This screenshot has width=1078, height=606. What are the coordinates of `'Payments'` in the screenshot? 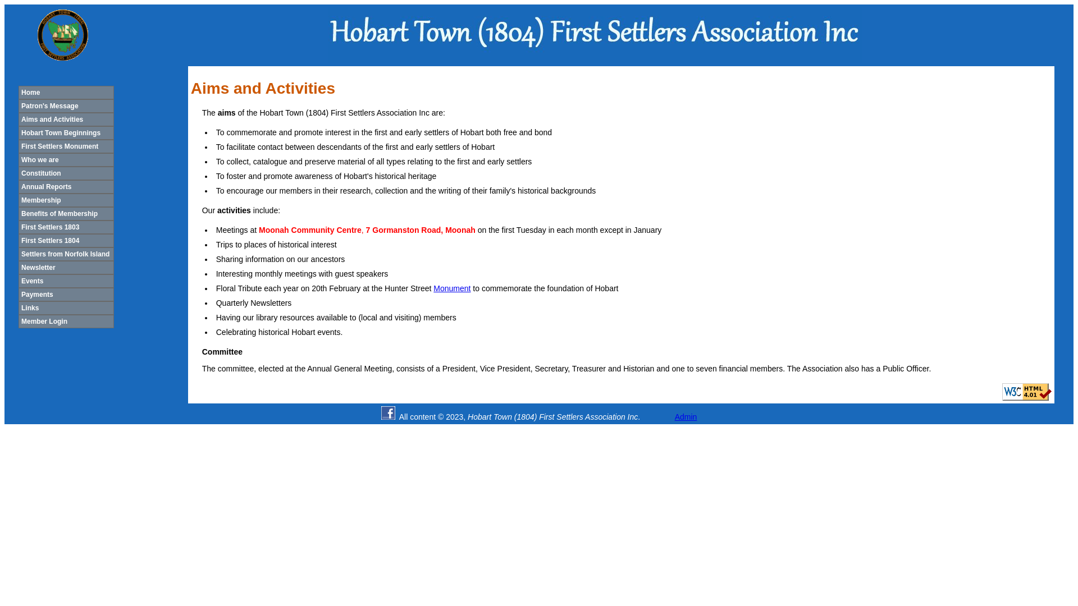 It's located at (66, 293).